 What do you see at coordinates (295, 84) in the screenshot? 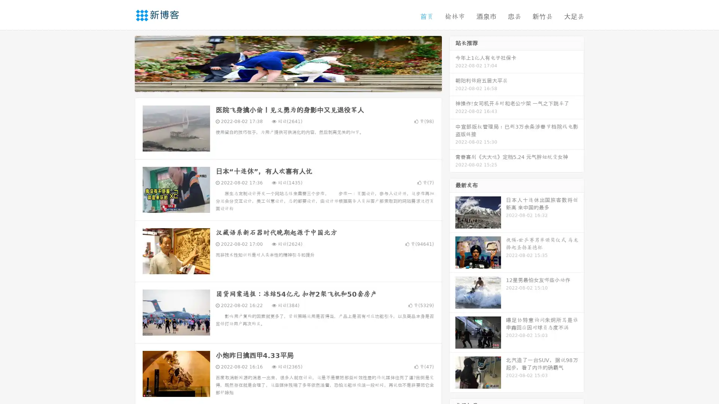
I see `Go to slide 3` at bounding box center [295, 84].